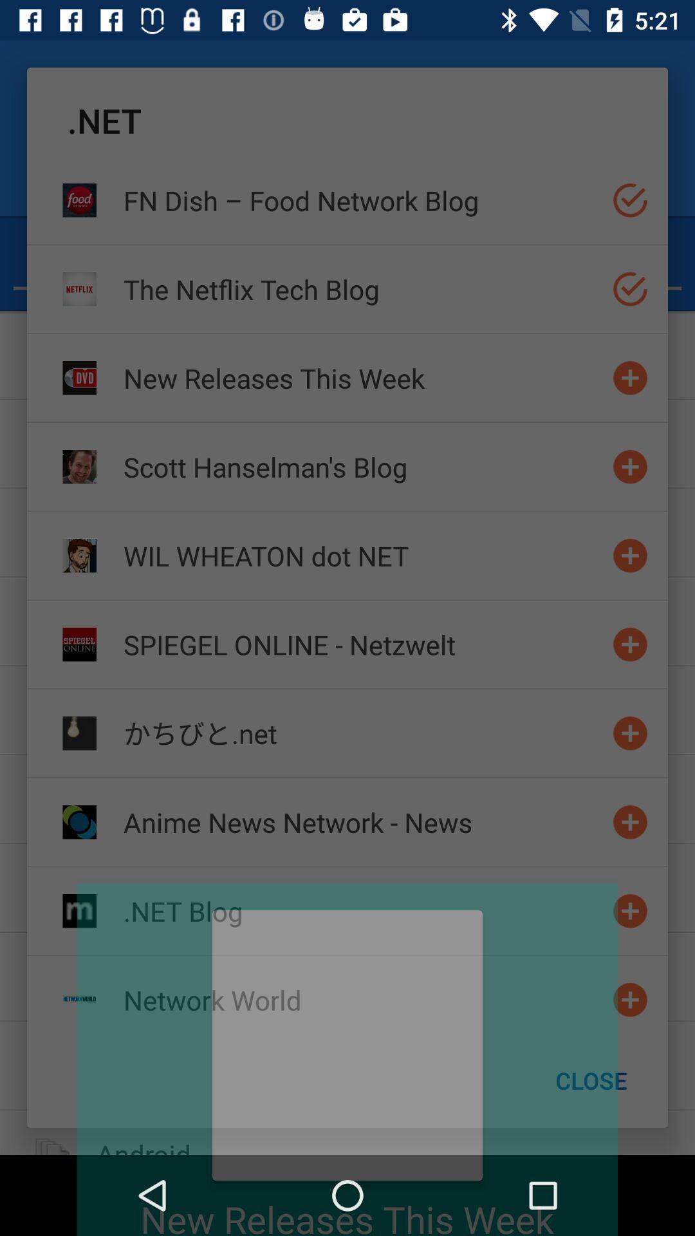 Image resolution: width=695 pixels, height=1236 pixels. What do you see at coordinates (629, 200) in the screenshot?
I see `the option` at bounding box center [629, 200].